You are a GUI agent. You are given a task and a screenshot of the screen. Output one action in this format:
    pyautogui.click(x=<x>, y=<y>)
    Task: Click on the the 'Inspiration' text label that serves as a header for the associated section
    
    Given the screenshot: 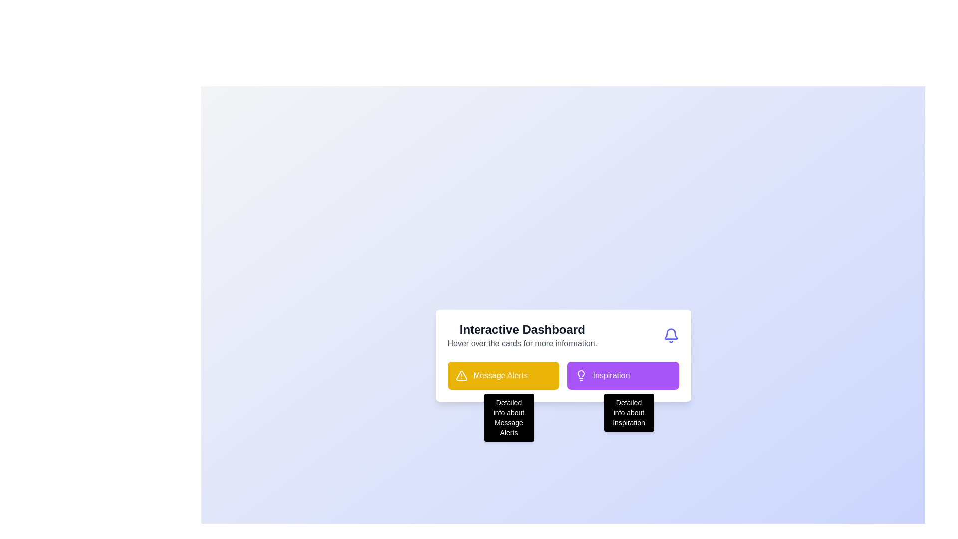 What is the action you would take?
    pyautogui.click(x=611, y=375)
    